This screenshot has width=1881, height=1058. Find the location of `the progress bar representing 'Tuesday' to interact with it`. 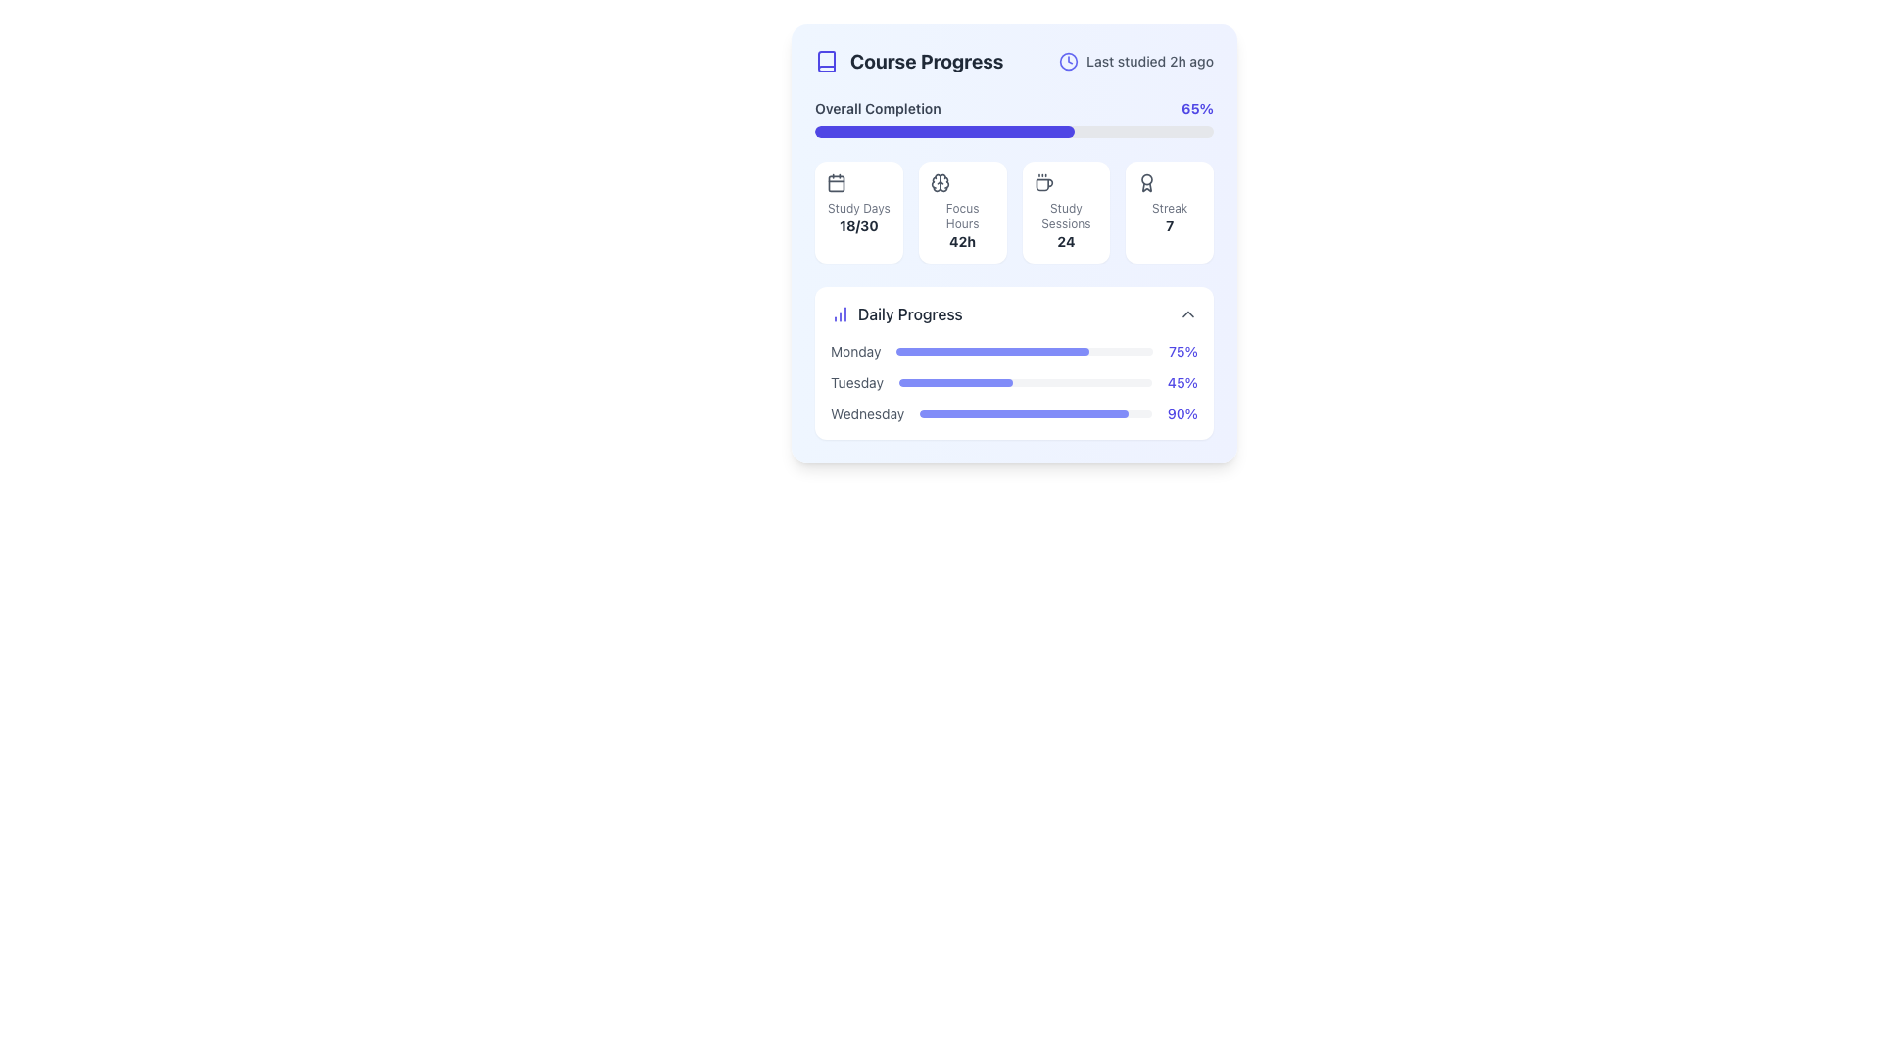

the progress bar representing 'Tuesday' to interact with it is located at coordinates (1024, 382).